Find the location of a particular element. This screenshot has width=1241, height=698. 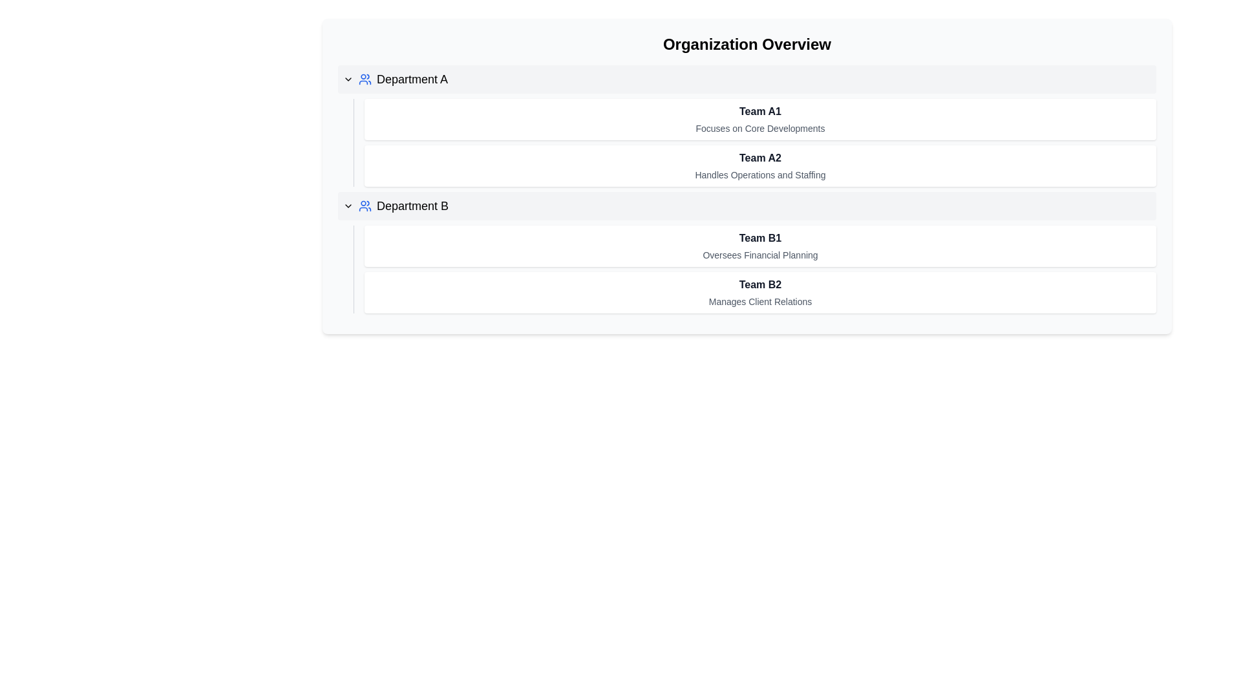

the second primary entry in the department list is located at coordinates (747, 206).